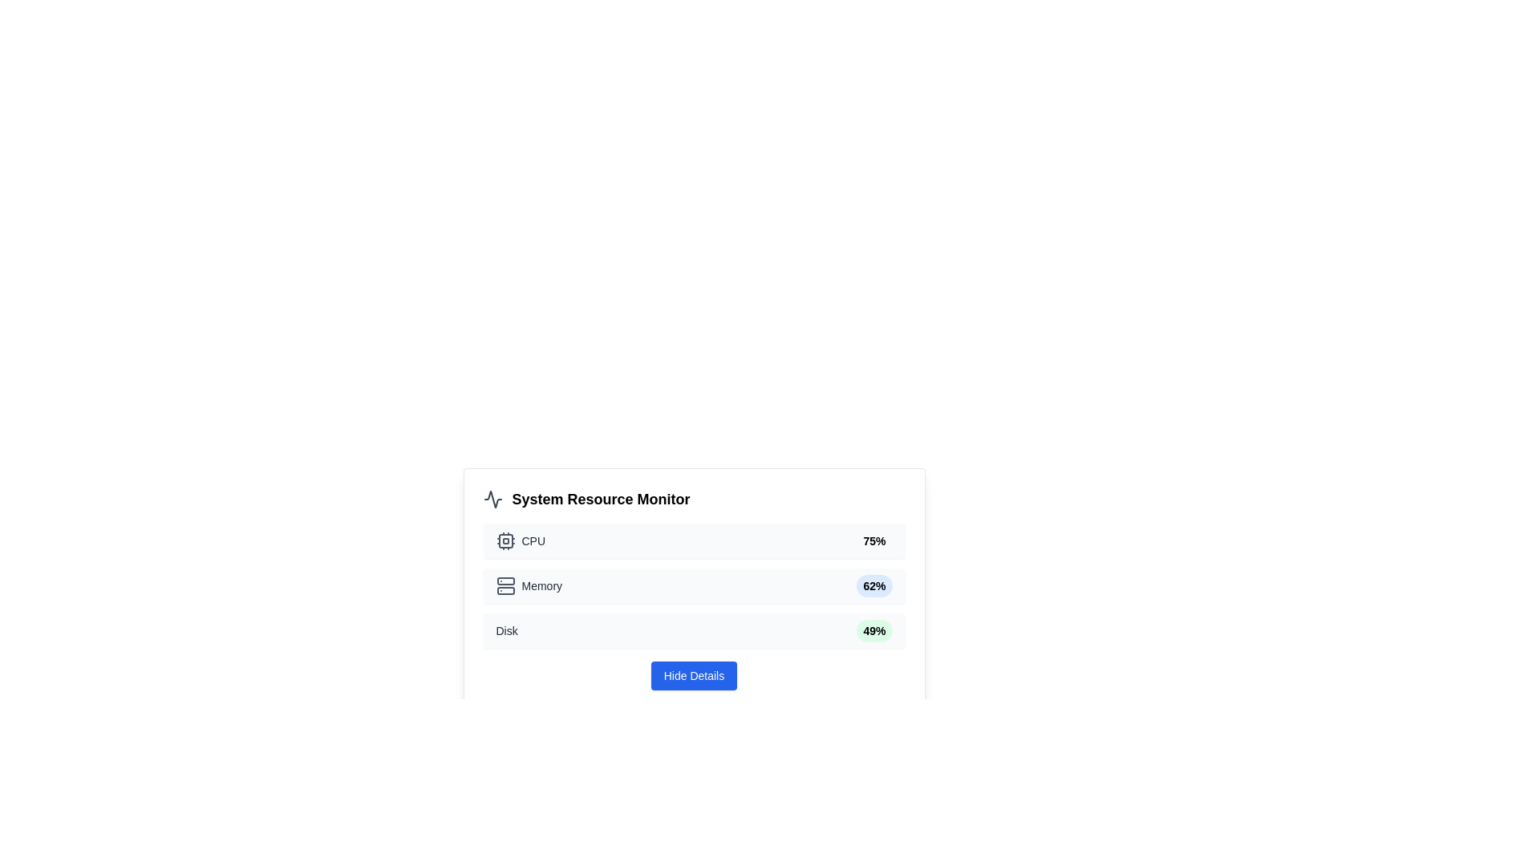  What do you see at coordinates (529, 586) in the screenshot?
I see `the 'Memory' text element with the adjacent server icon, which is styled with a gray tone and arranged horizontally with a small gap` at bounding box center [529, 586].